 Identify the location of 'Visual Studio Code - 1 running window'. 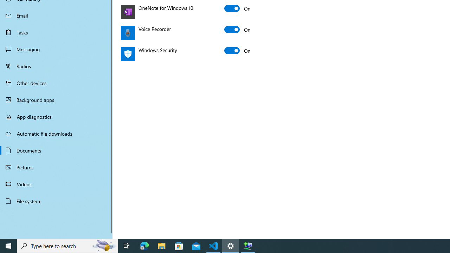
(213, 245).